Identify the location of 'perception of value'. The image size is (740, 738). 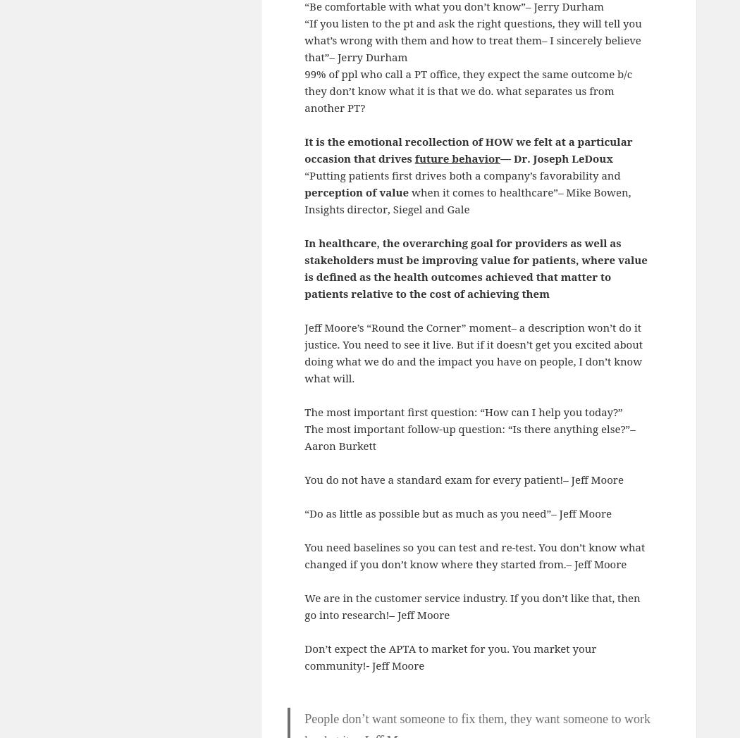
(355, 190).